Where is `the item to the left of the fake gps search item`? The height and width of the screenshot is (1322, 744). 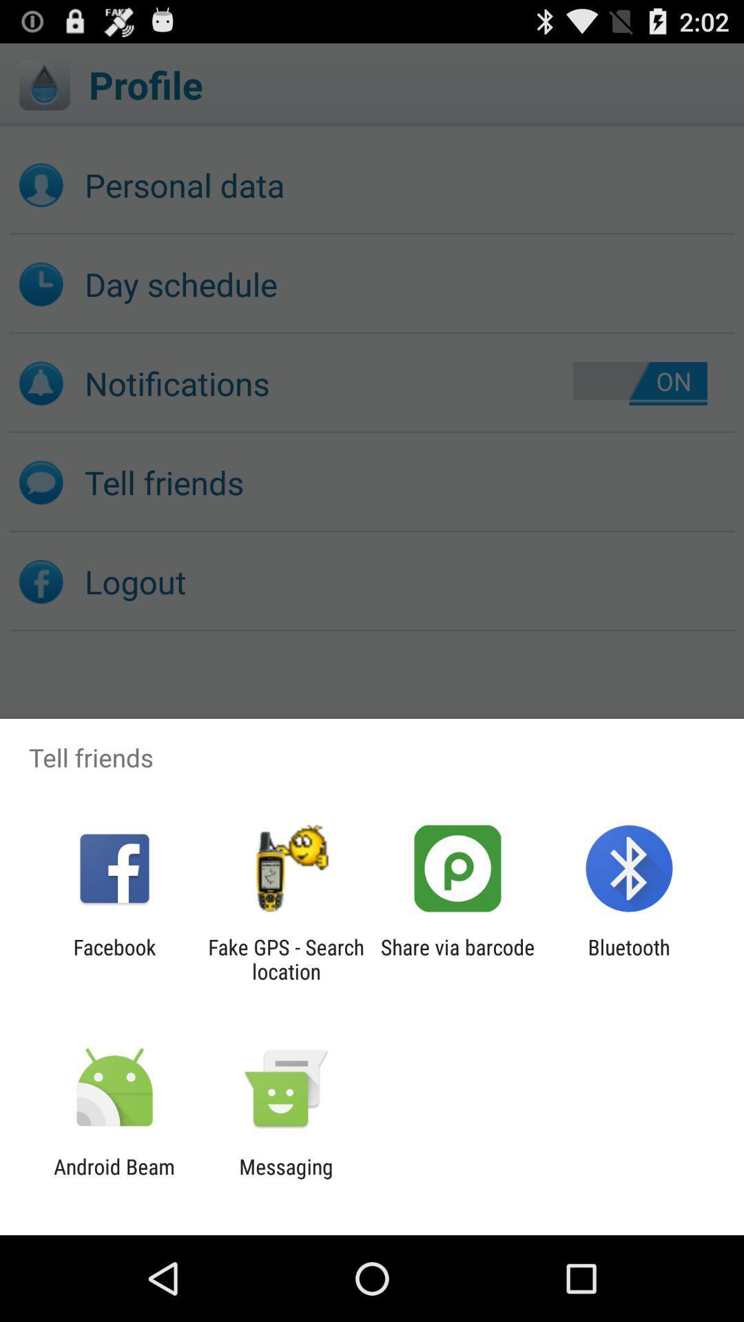
the item to the left of the fake gps search item is located at coordinates (114, 958).